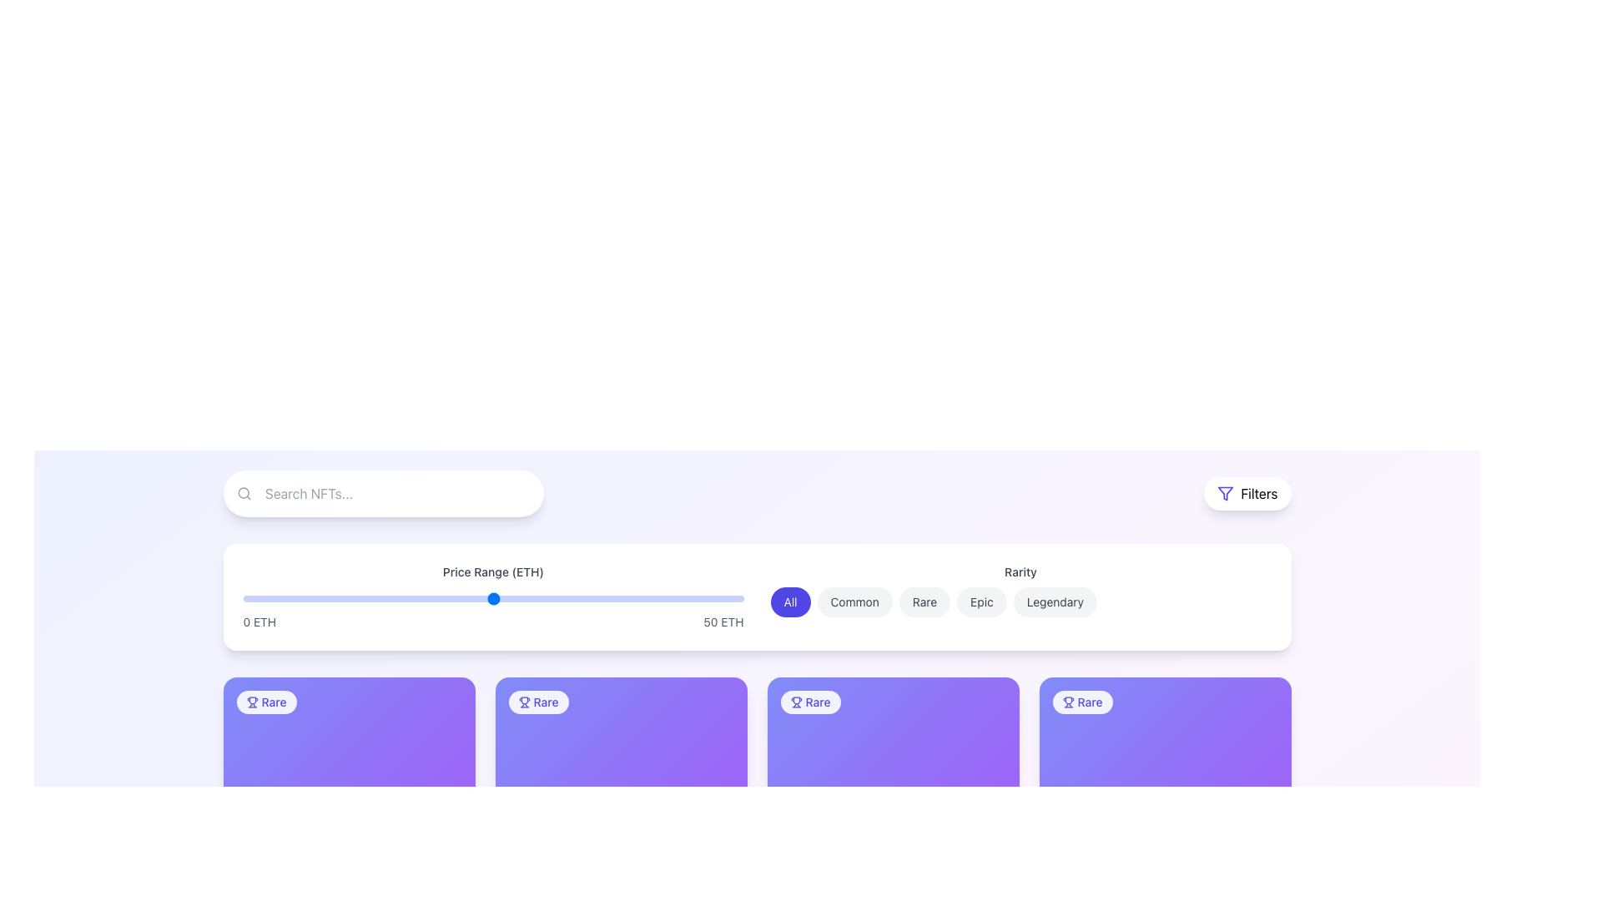 The height and width of the screenshot is (901, 1602). I want to click on the price range slider, so click(313, 597).